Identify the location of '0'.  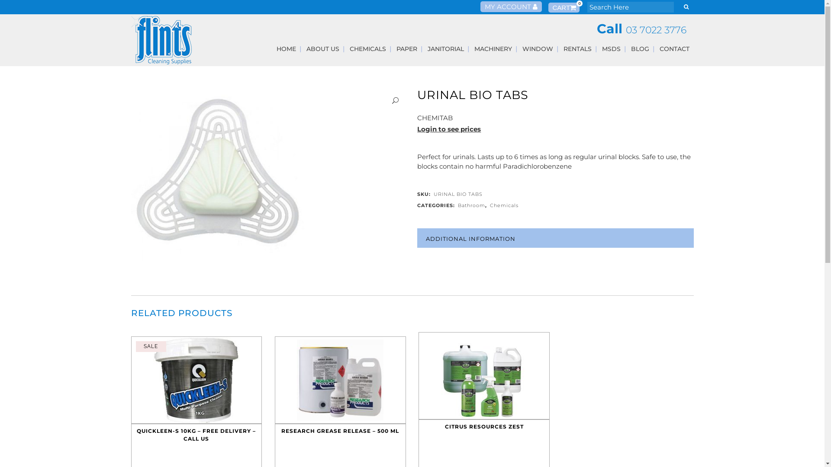
(548, 7).